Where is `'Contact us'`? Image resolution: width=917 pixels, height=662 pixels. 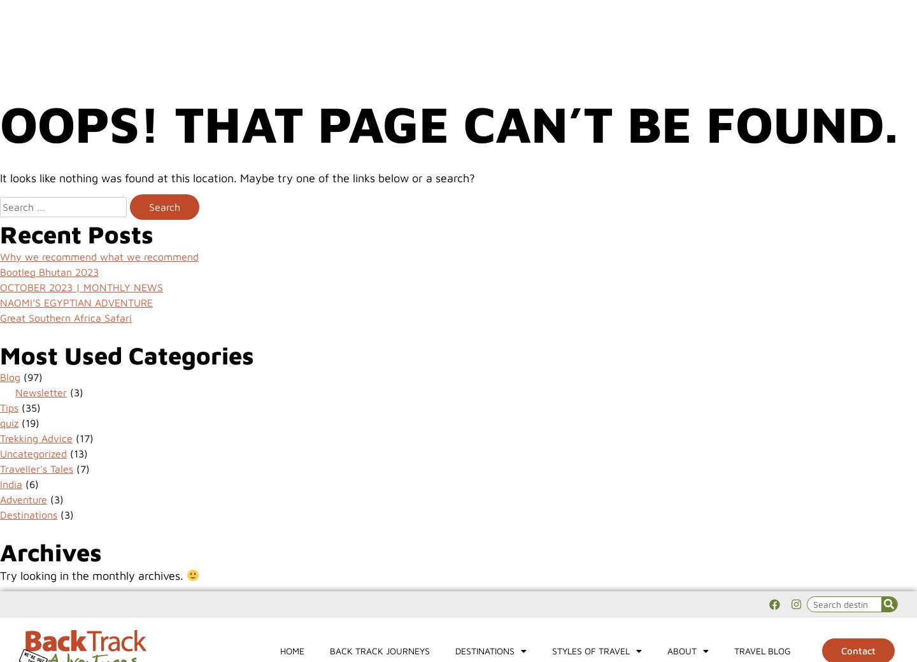 'Contact us' is located at coordinates (127, 552).